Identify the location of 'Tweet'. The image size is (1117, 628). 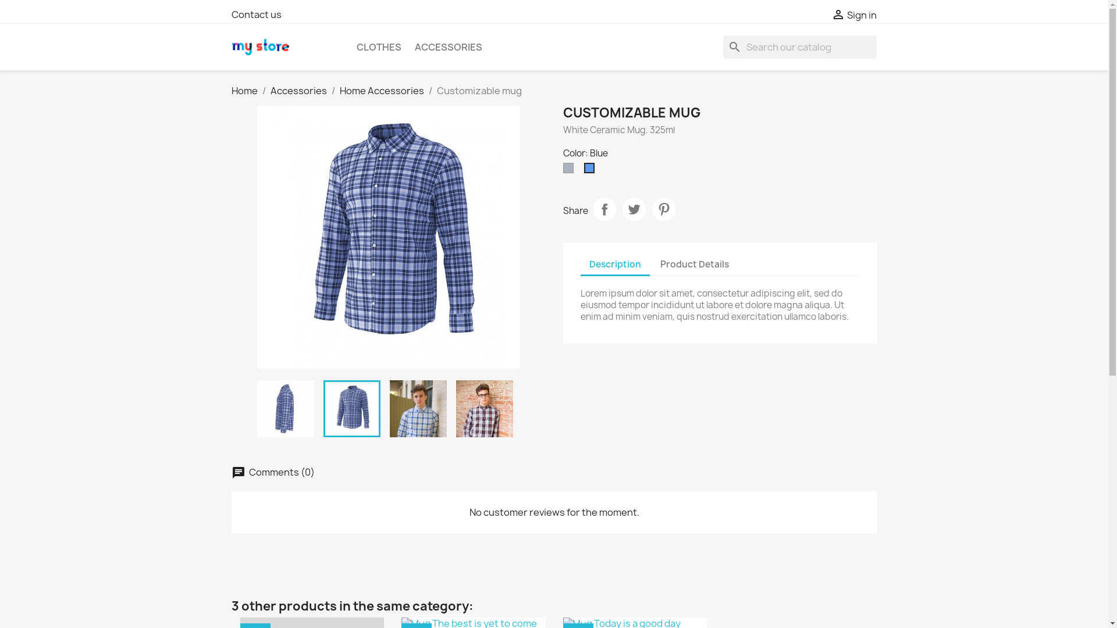
(633, 208).